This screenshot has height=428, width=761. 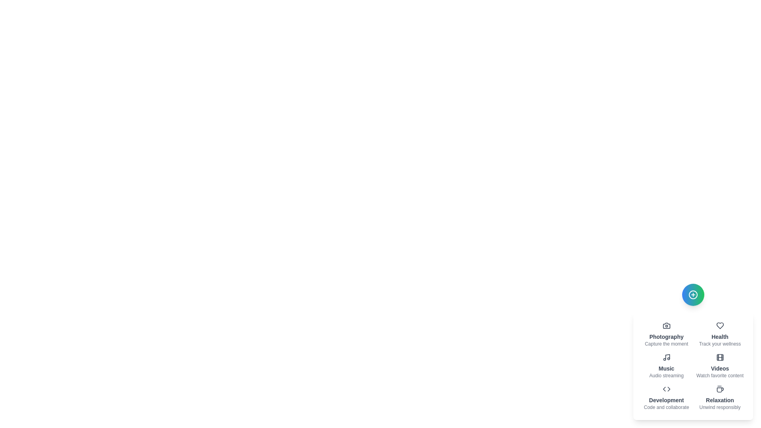 I want to click on the Health action item to activate its feature, so click(x=720, y=334).